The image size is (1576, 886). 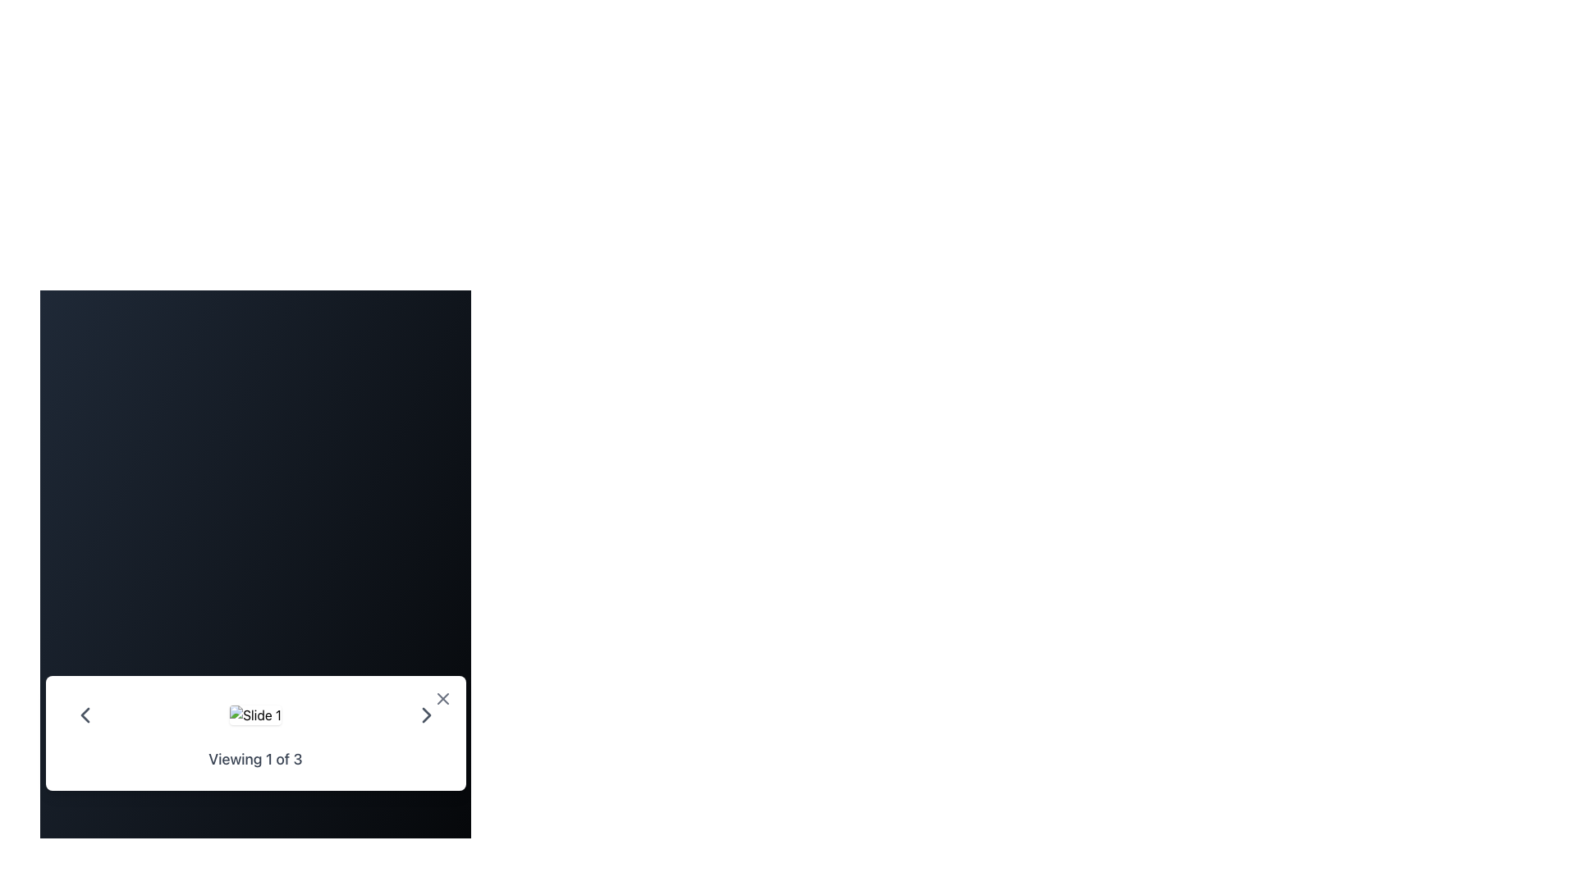 What do you see at coordinates (426, 714) in the screenshot?
I see `the right arrow icon, styled as an outlined chevron in gray, to move to the next slide` at bounding box center [426, 714].